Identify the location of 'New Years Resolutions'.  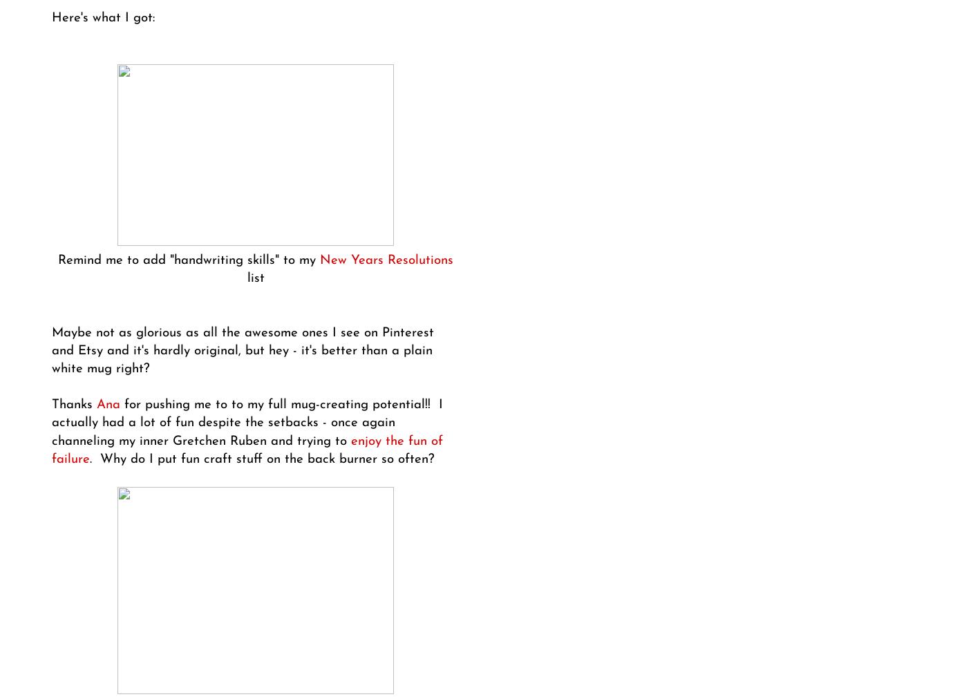
(386, 259).